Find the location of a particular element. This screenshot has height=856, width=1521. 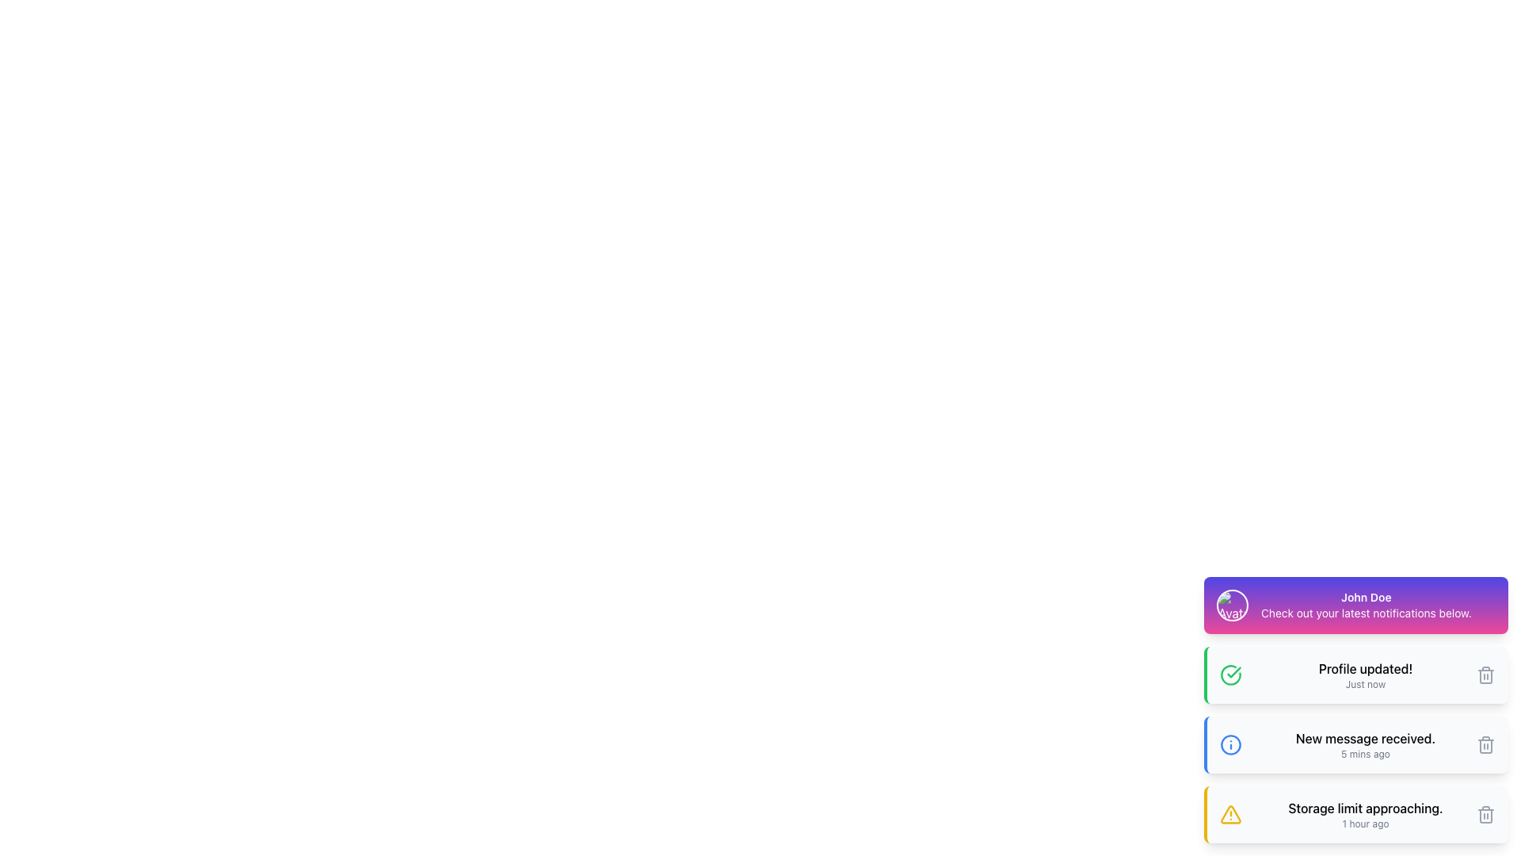

the warning icon located on the left side of the third notification card titled 'Storage limit approaching' in the notification list is located at coordinates (1230, 814).